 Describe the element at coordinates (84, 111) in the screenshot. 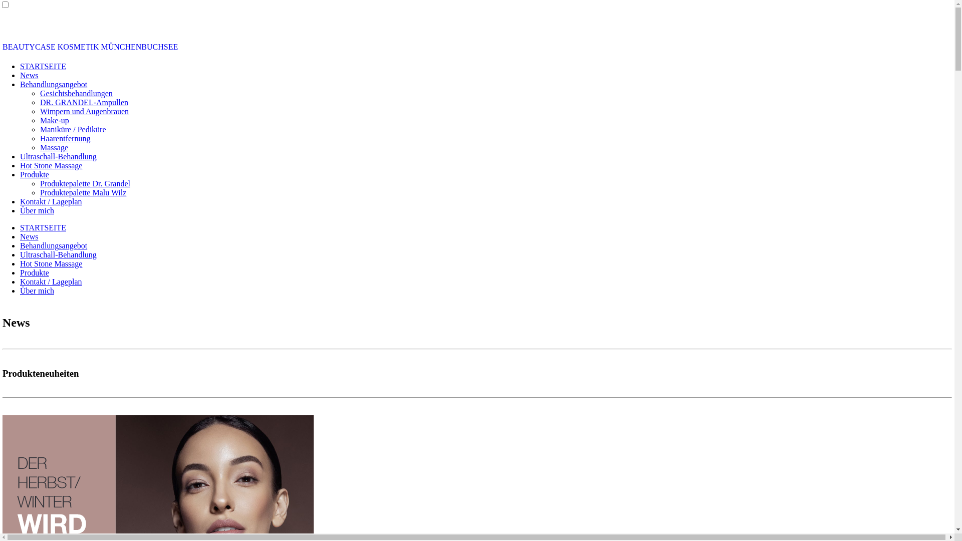

I see `'Wimpern und Augenbrauen'` at that location.